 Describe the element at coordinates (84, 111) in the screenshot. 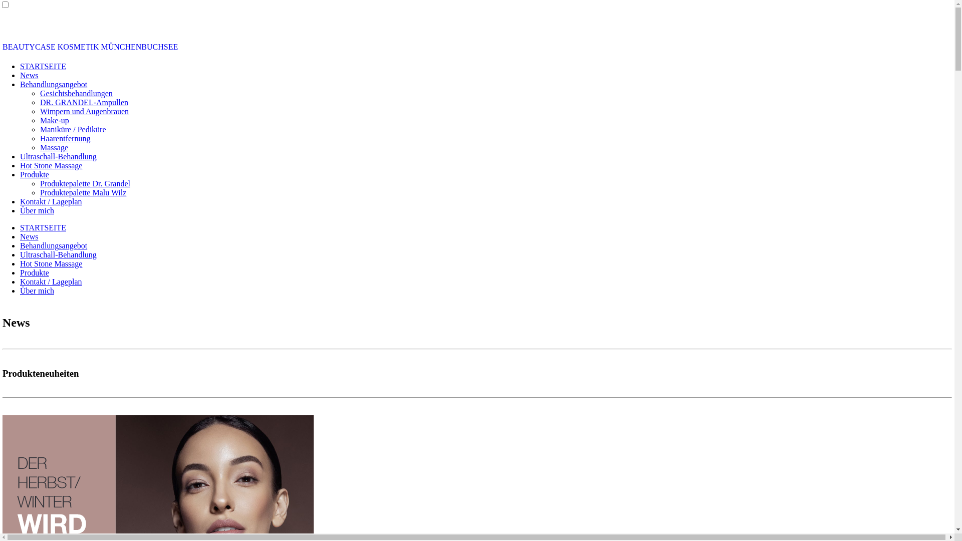

I see `'Wimpern und Augenbrauen'` at that location.